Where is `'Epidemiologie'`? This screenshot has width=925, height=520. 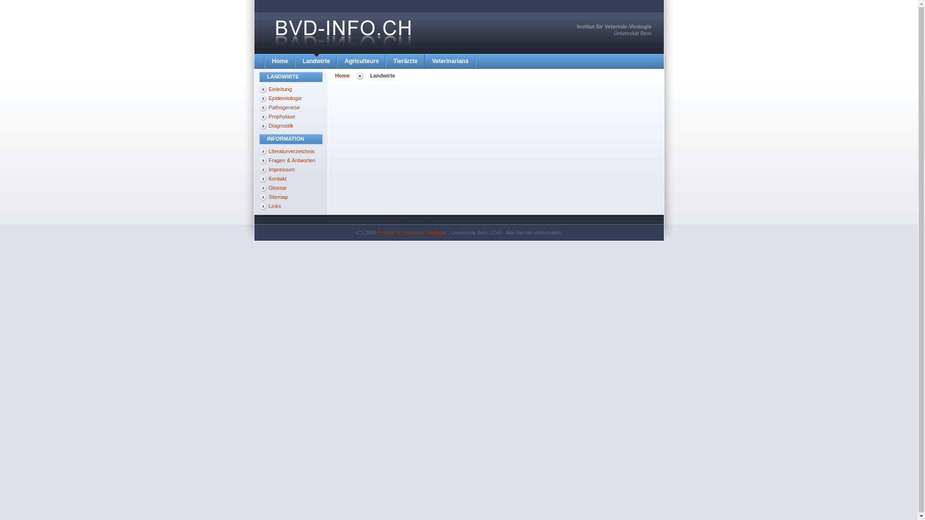
'Epidemiologie' is located at coordinates (291, 98).